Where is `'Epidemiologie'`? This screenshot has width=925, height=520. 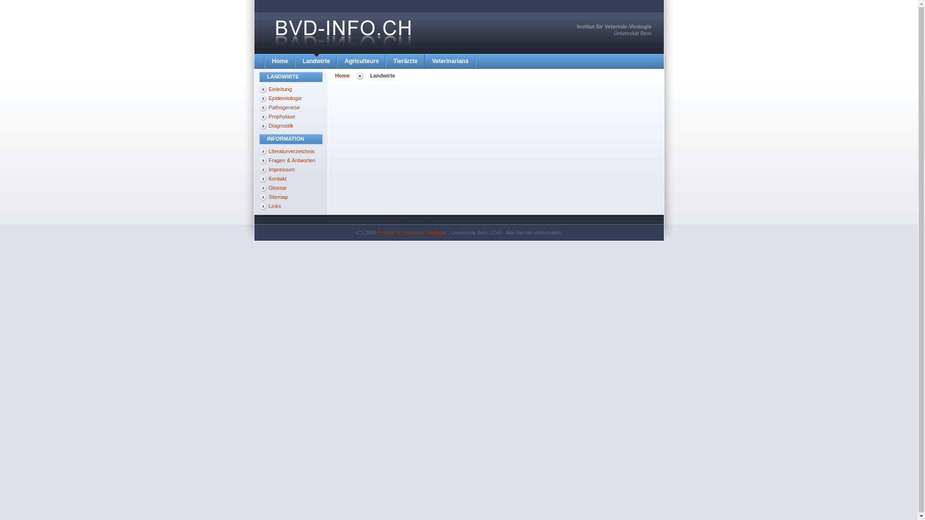
'Epidemiologie' is located at coordinates (291, 98).